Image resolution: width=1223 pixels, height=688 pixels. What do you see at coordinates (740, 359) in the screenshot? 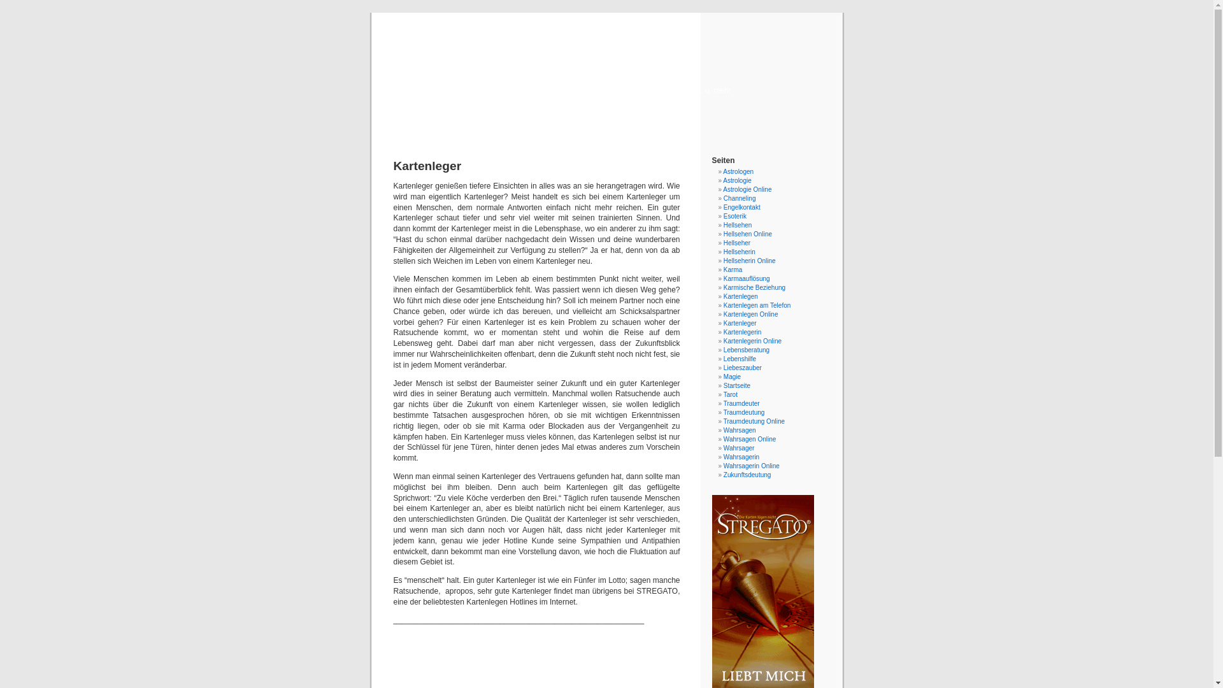
I see `'Lebenshilfe'` at bounding box center [740, 359].